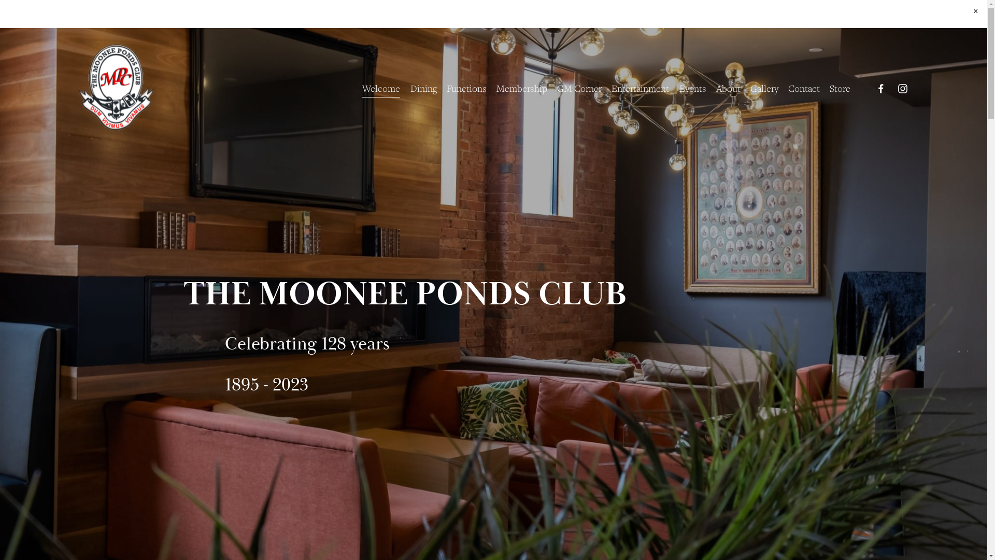 This screenshot has height=560, width=995. What do you see at coordinates (466, 88) in the screenshot?
I see `'Functions'` at bounding box center [466, 88].